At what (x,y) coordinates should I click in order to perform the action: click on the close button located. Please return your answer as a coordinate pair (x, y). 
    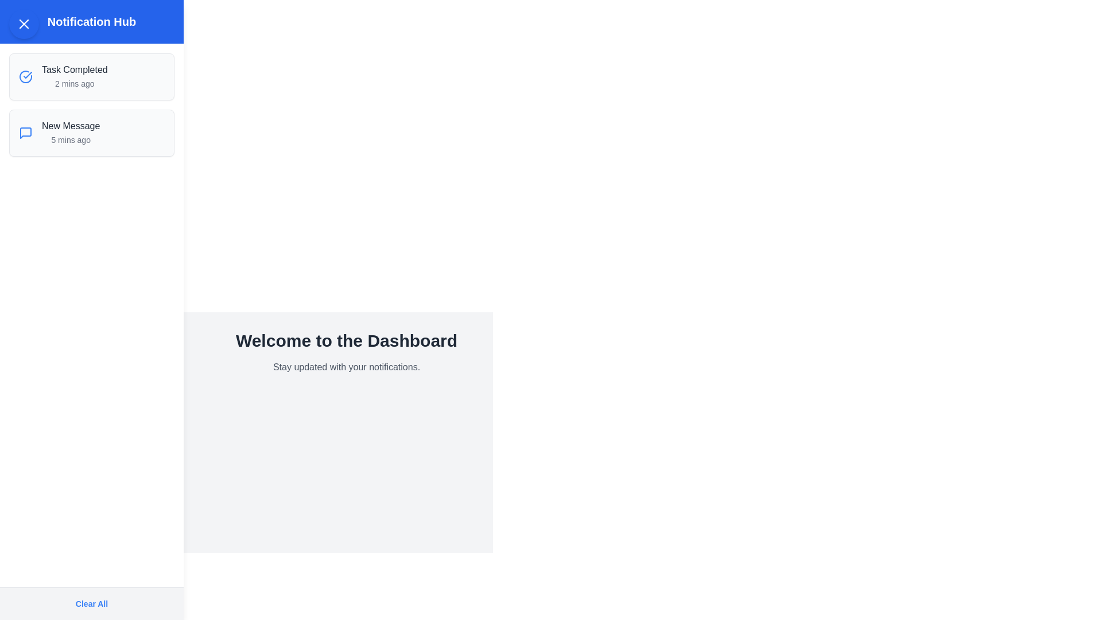
    Looking at the image, I should click on (24, 24).